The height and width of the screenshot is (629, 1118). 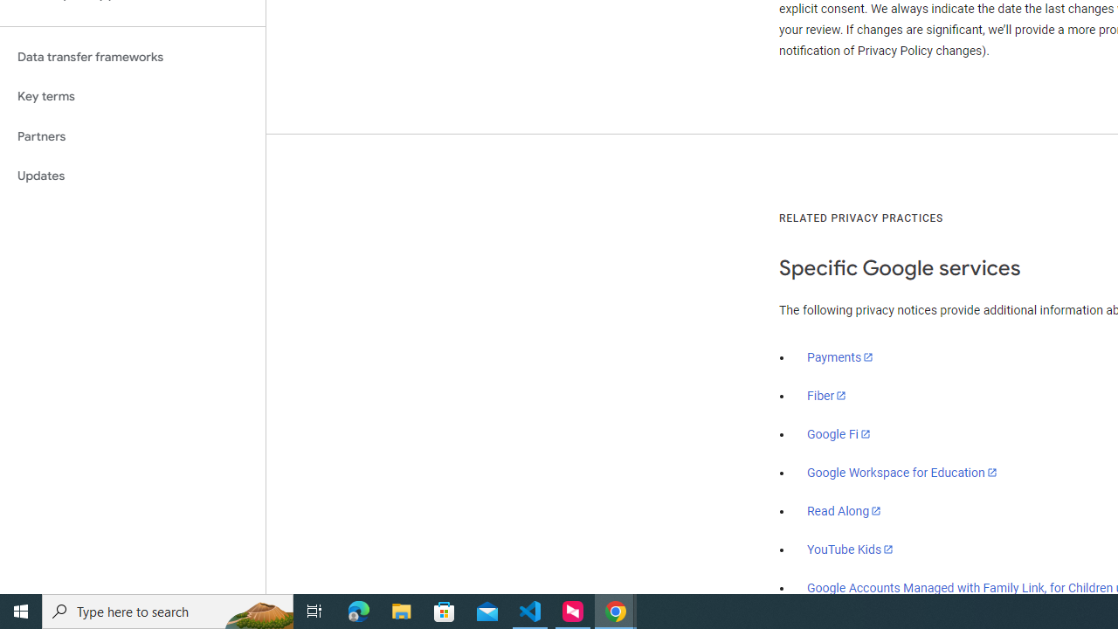 What do you see at coordinates (838, 433) in the screenshot?
I see `'Google Fi'` at bounding box center [838, 433].